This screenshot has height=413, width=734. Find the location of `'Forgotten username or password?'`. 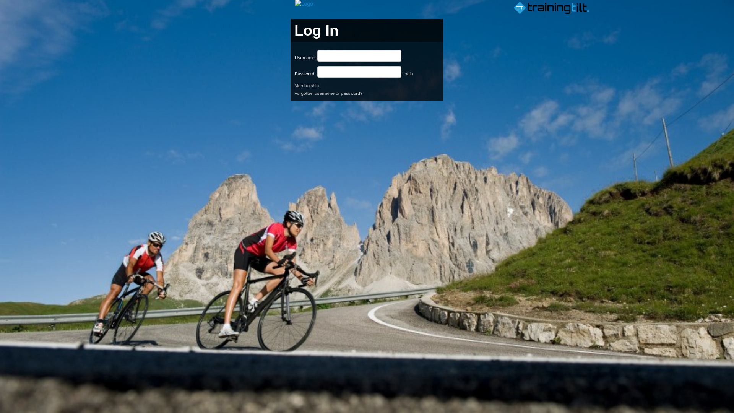

'Forgotten username or password?' is located at coordinates (328, 93).